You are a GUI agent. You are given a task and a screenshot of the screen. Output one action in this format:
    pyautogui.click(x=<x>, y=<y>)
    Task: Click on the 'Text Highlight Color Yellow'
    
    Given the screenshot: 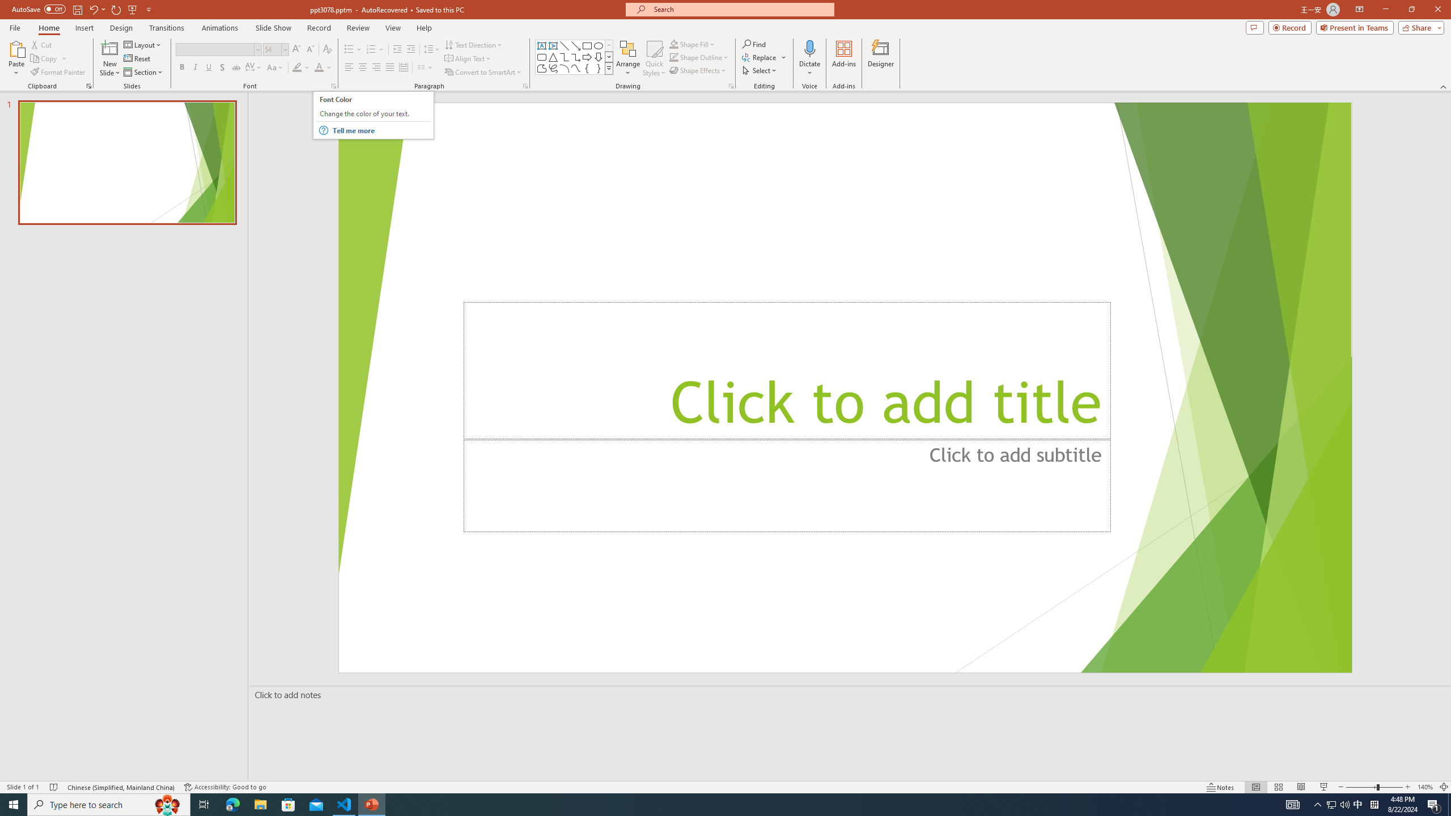 What is the action you would take?
    pyautogui.click(x=296, y=67)
    